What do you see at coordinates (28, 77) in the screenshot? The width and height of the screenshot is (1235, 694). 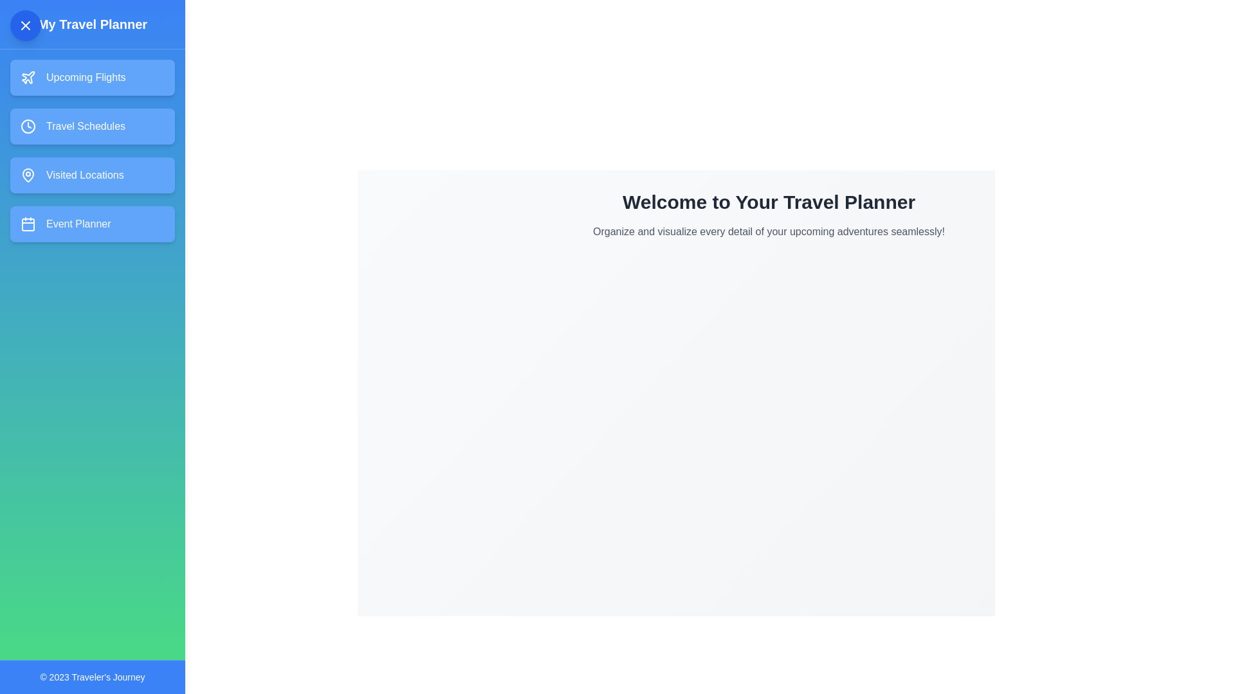 I see `the decorative icon representing the 'Upcoming Flights' menu option located in the sidebar, which precedes the text label and is positioned above other menu items` at bounding box center [28, 77].